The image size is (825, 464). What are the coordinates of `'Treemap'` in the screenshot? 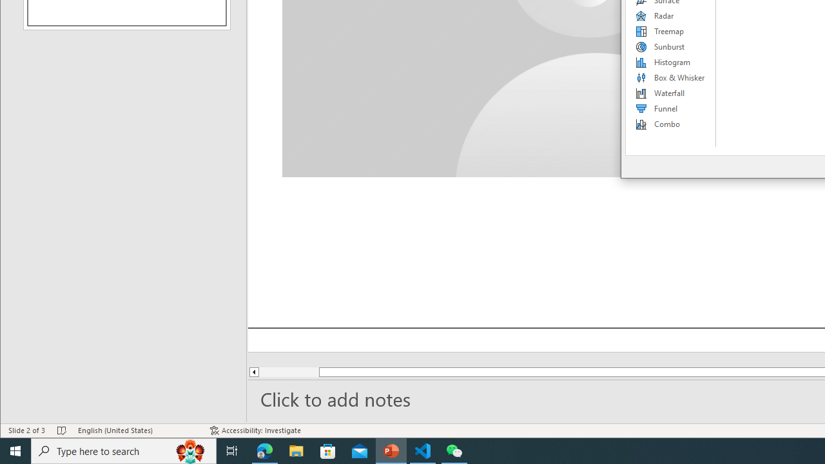 It's located at (670, 30).